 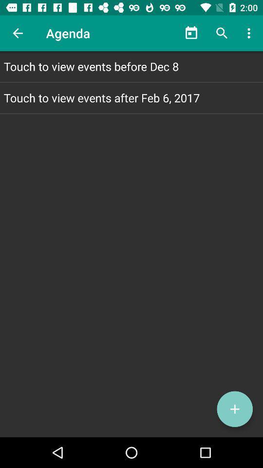 I want to click on item next to agenda icon, so click(x=18, y=33).